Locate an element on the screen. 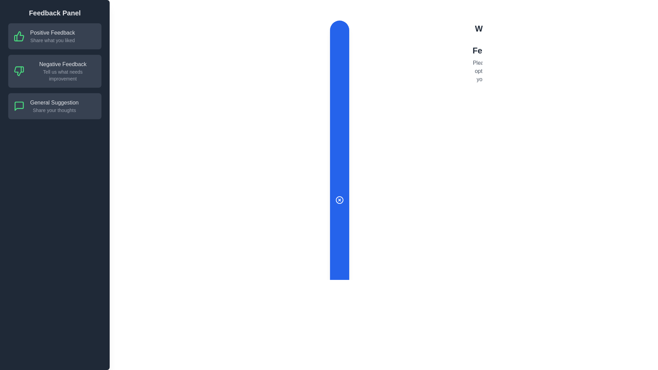  the toggle button to change the visibility of the feedback panel is located at coordinates (339, 200).